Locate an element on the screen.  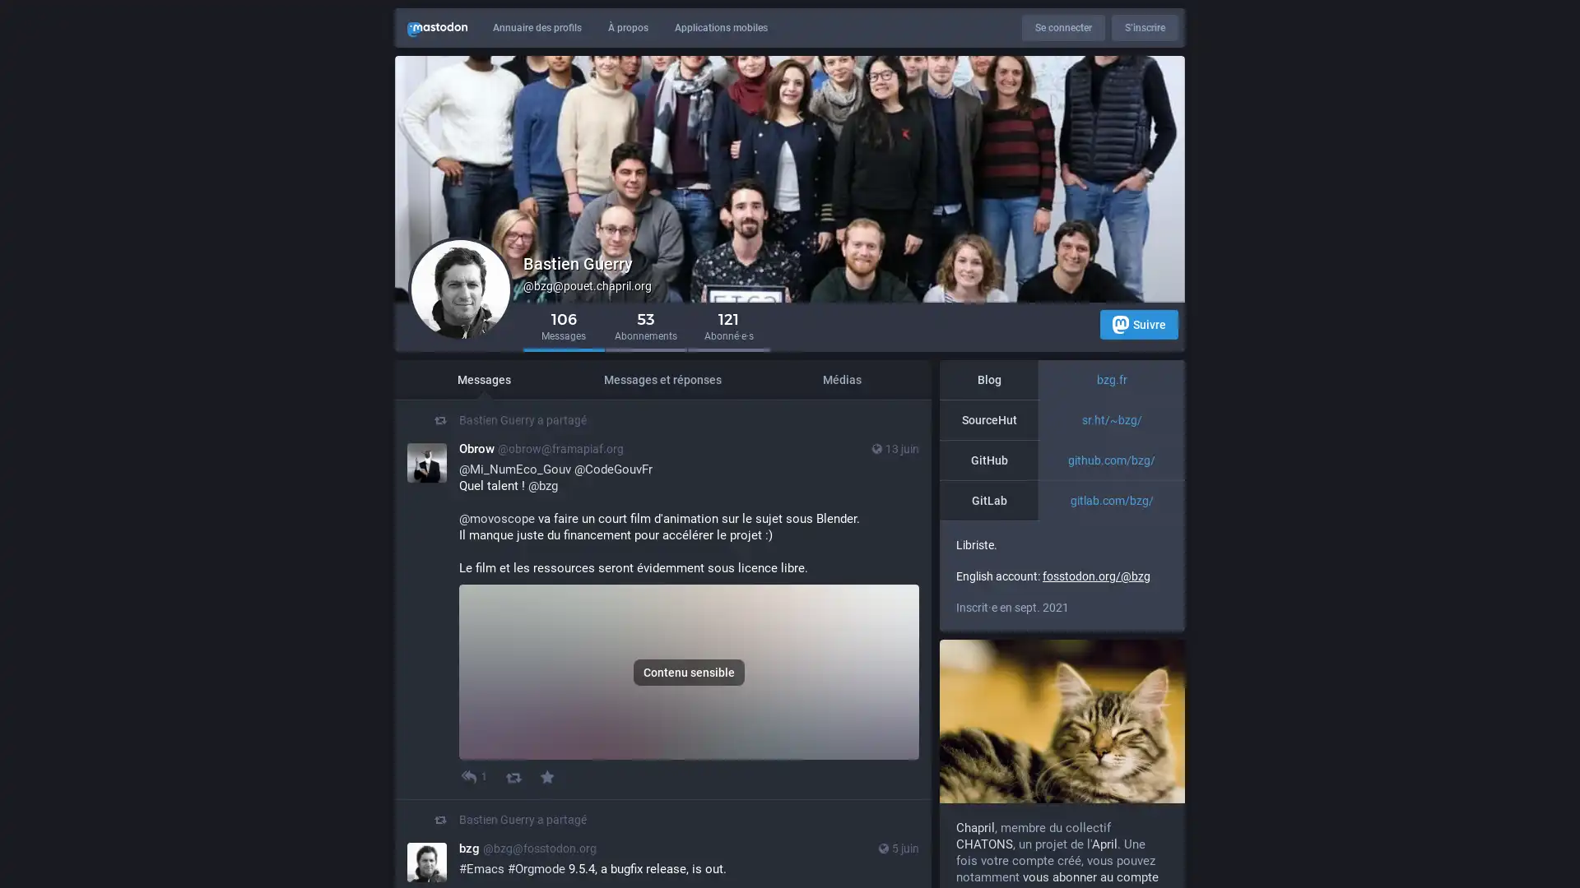
Contenu sensible is located at coordinates (689, 712).